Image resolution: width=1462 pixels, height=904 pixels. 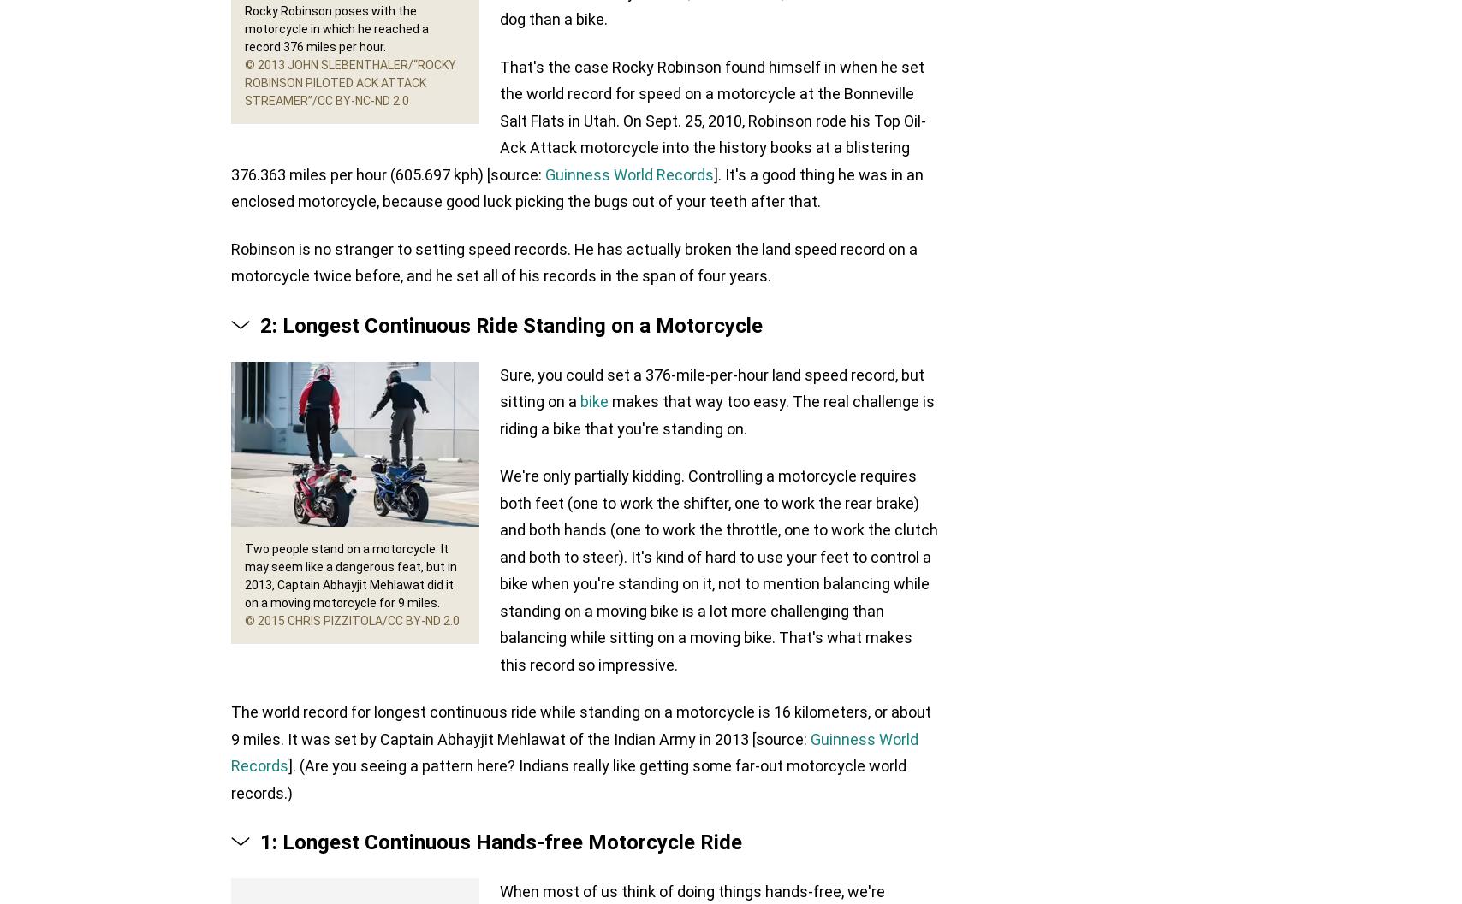 What do you see at coordinates (260, 323) in the screenshot?
I see `'2: Longest Continuous Ride Standing on a Motorcycle'` at bounding box center [260, 323].